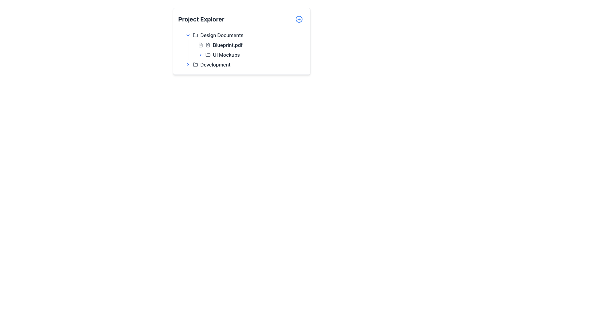  Describe the element at coordinates (208, 54) in the screenshot. I see `the folder icon representing 'UI Mockups' within the project hierarchy, which is visually indicated and aligned next to the text 'UI Mockups'` at that location.